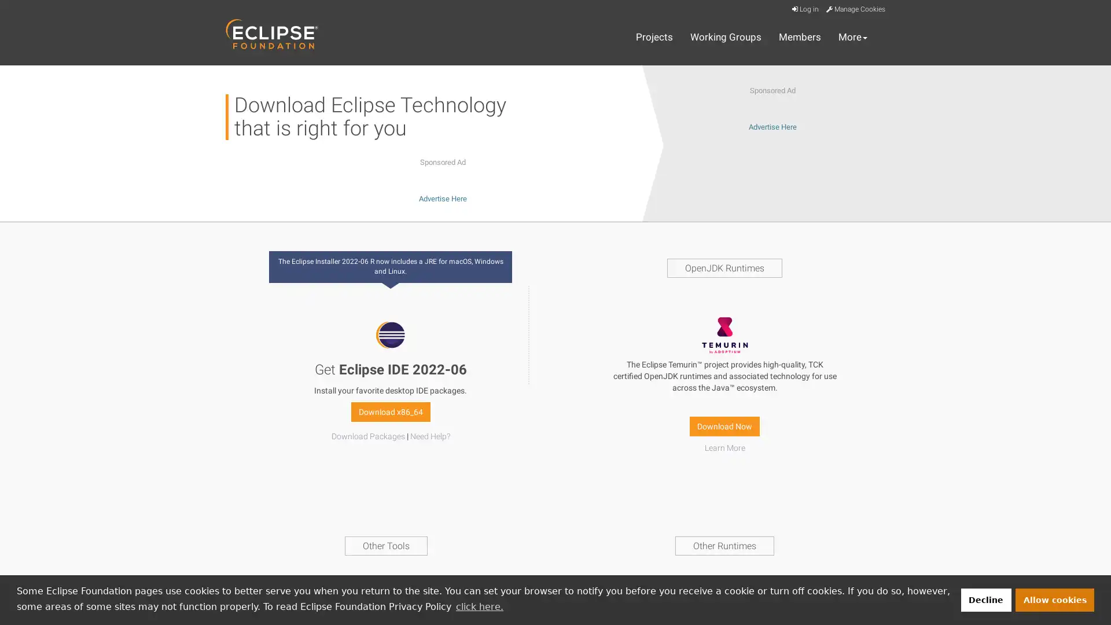 The height and width of the screenshot is (625, 1111). Describe the element at coordinates (479, 606) in the screenshot. I see `learn more about cookies` at that location.